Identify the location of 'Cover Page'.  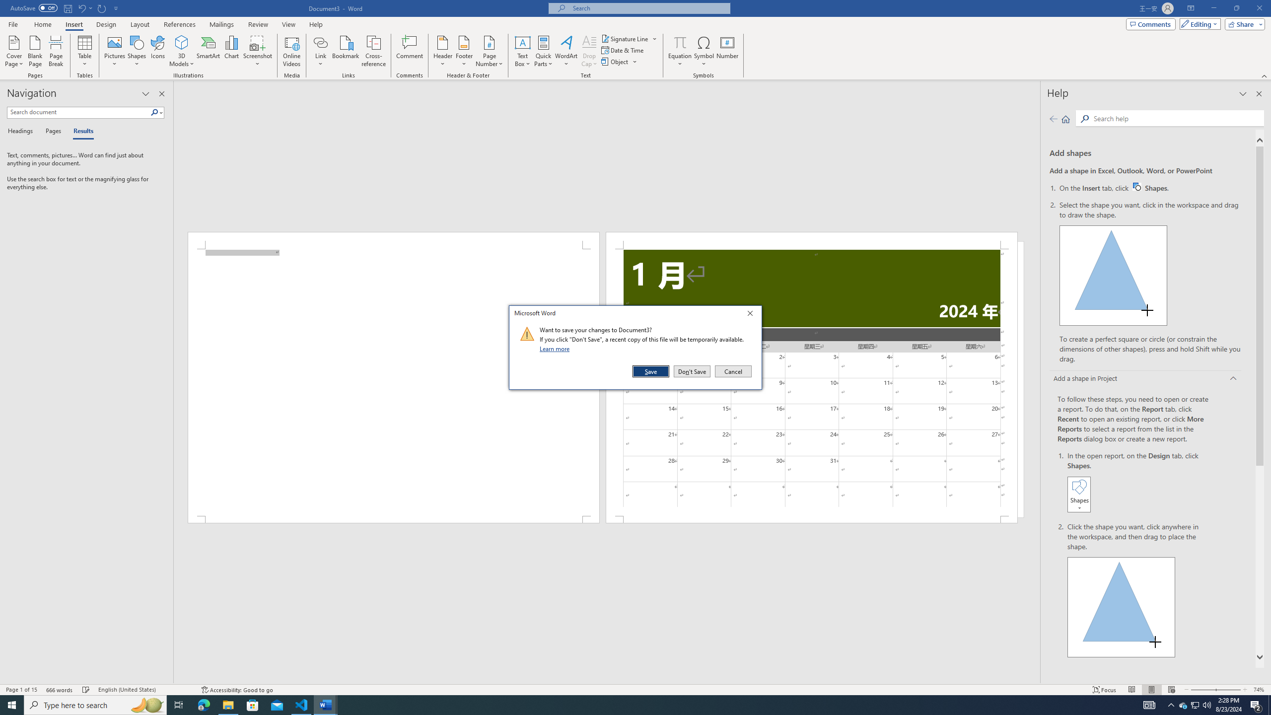
(14, 51).